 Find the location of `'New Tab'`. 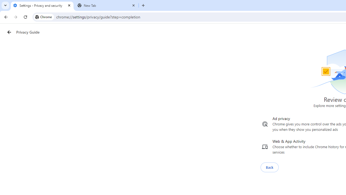

'New Tab' is located at coordinates (107, 5).